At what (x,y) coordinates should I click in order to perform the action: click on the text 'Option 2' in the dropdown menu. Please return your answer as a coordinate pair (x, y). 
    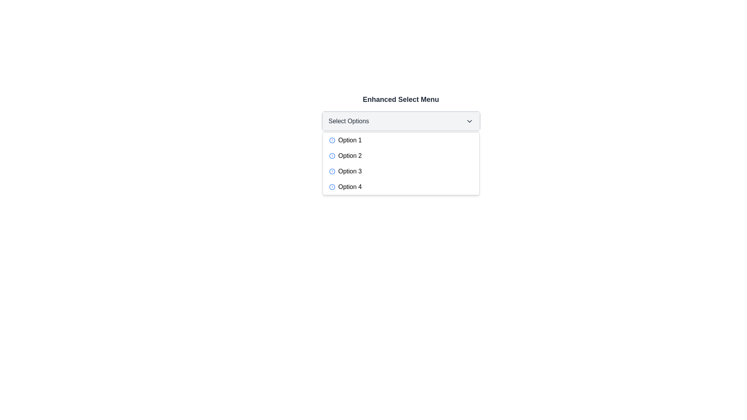
    Looking at the image, I should click on (349, 156).